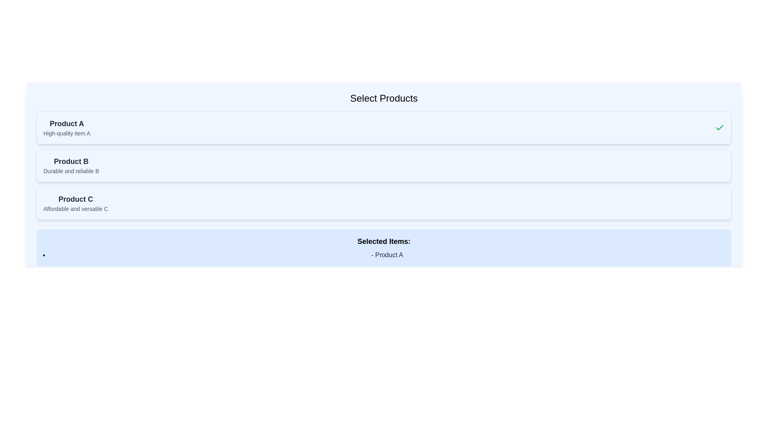 Image resolution: width=772 pixels, height=434 pixels. What do you see at coordinates (67, 133) in the screenshot?
I see `text label that displays 'High-quality item A', which is styled in small, gray text and located directly beneath the header 'Product A'` at bounding box center [67, 133].